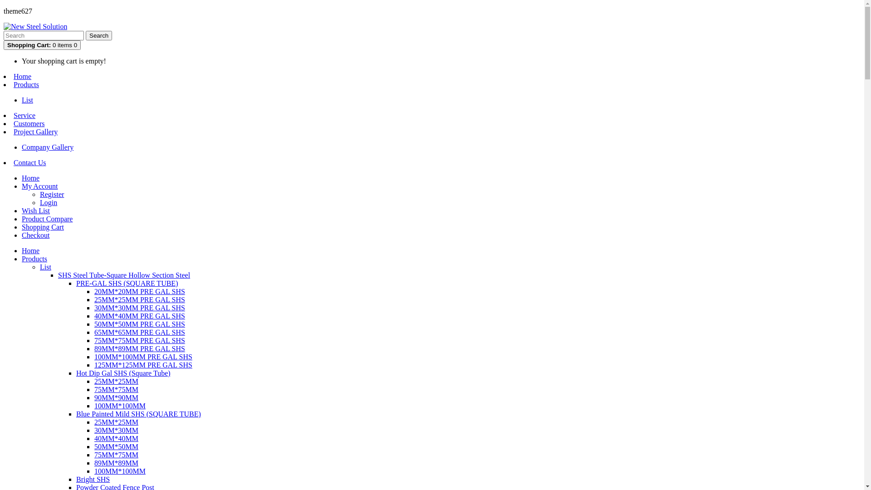 Image resolution: width=871 pixels, height=490 pixels. Describe the element at coordinates (93, 479) in the screenshot. I see `'Bright SHS'` at that location.